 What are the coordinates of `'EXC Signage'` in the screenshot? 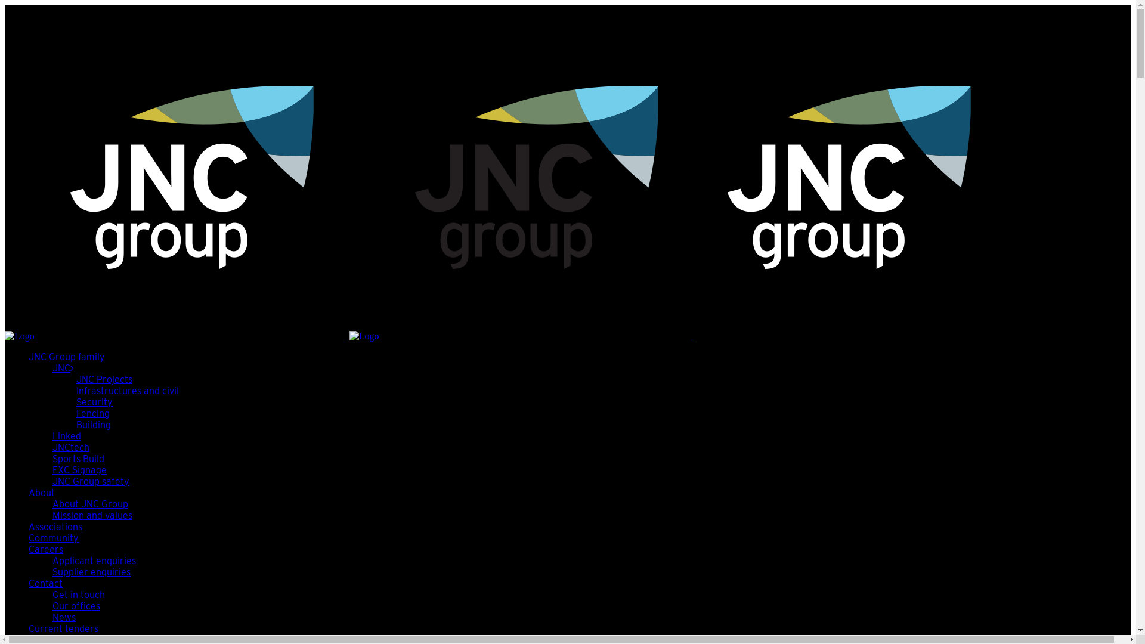 It's located at (79, 469).